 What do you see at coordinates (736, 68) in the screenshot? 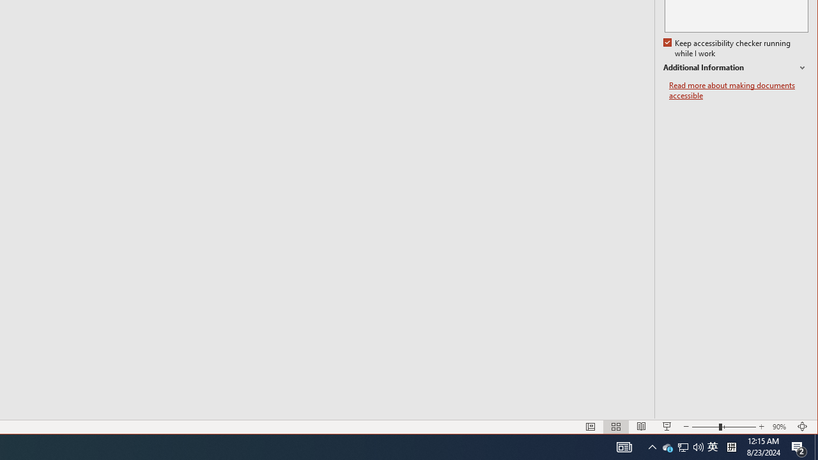
I see `'Additional Information'` at bounding box center [736, 68].